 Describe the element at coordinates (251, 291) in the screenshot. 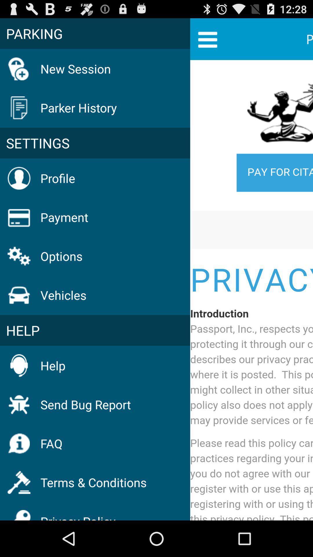

I see `full privacy statement` at that location.